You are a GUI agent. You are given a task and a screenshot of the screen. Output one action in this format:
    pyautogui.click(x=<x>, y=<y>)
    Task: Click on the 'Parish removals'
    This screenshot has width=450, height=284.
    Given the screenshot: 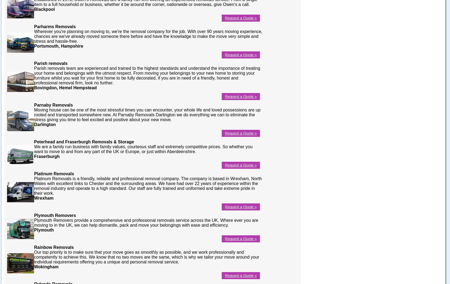 What is the action you would take?
    pyautogui.click(x=50, y=63)
    